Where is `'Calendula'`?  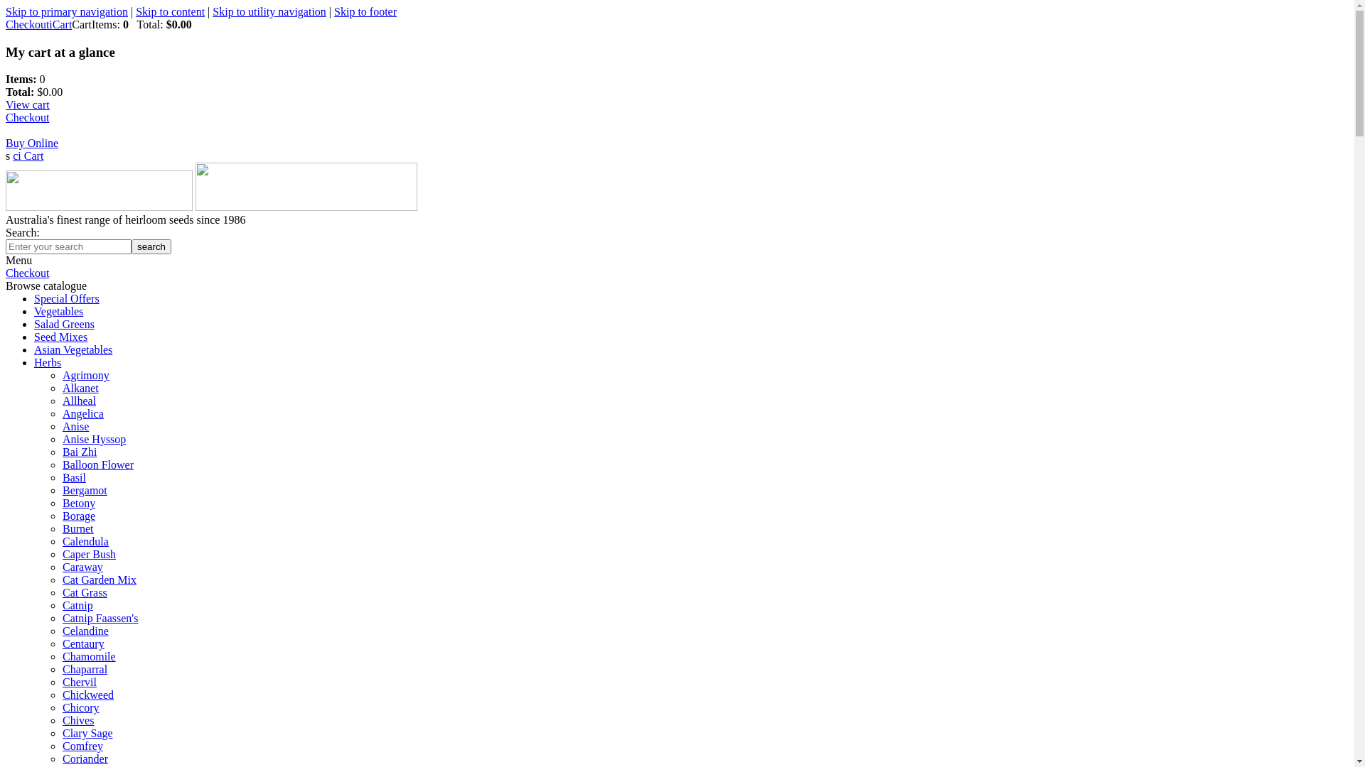
'Calendula' is located at coordinates (85, 541).